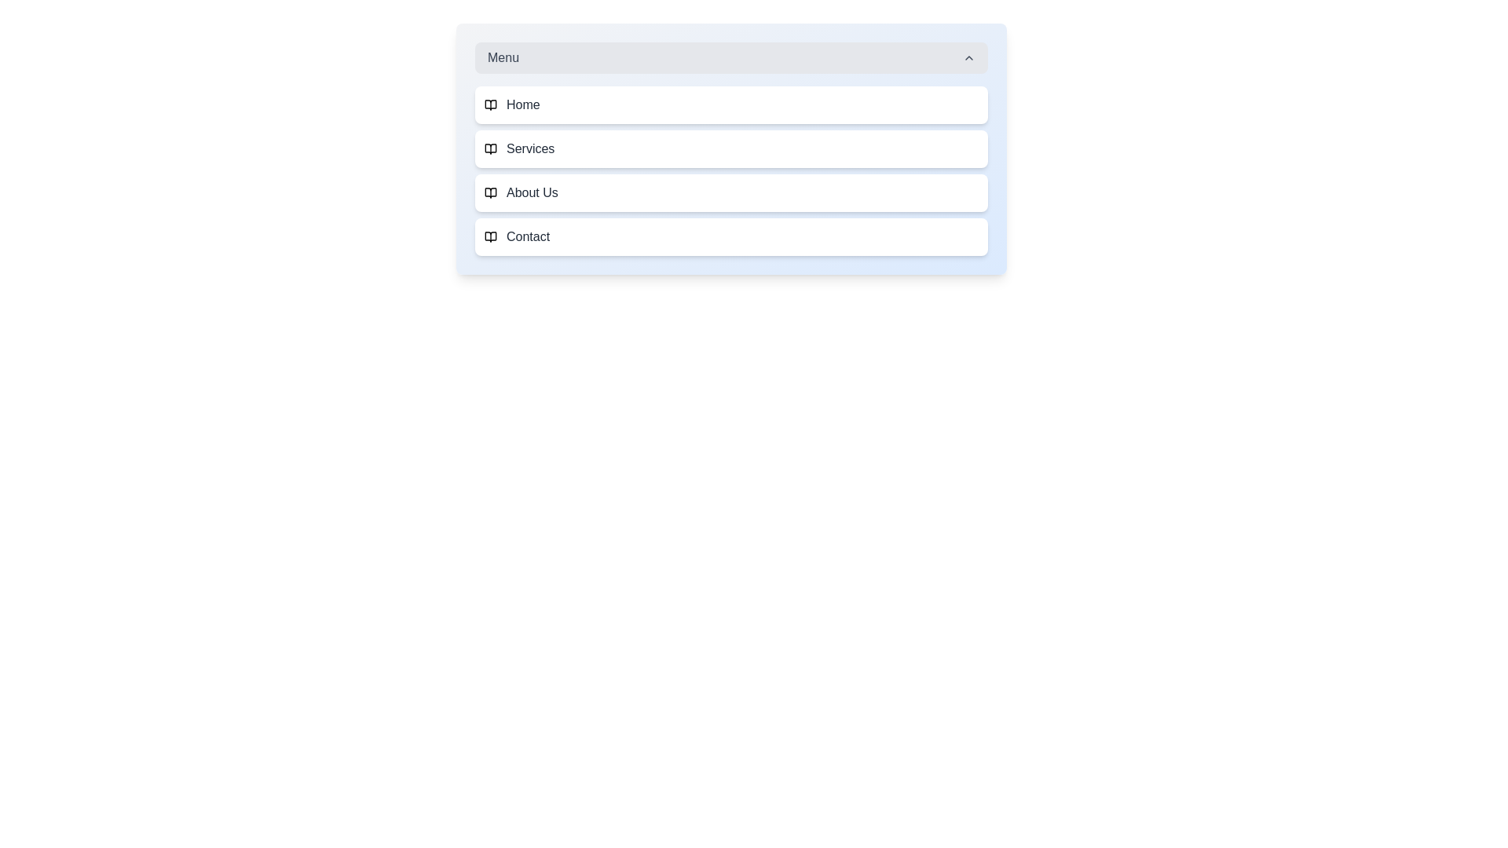  Describe the element at coordinates (730, 192) in the screenshot. I see `the third button in the vertical menu stack` at that location.